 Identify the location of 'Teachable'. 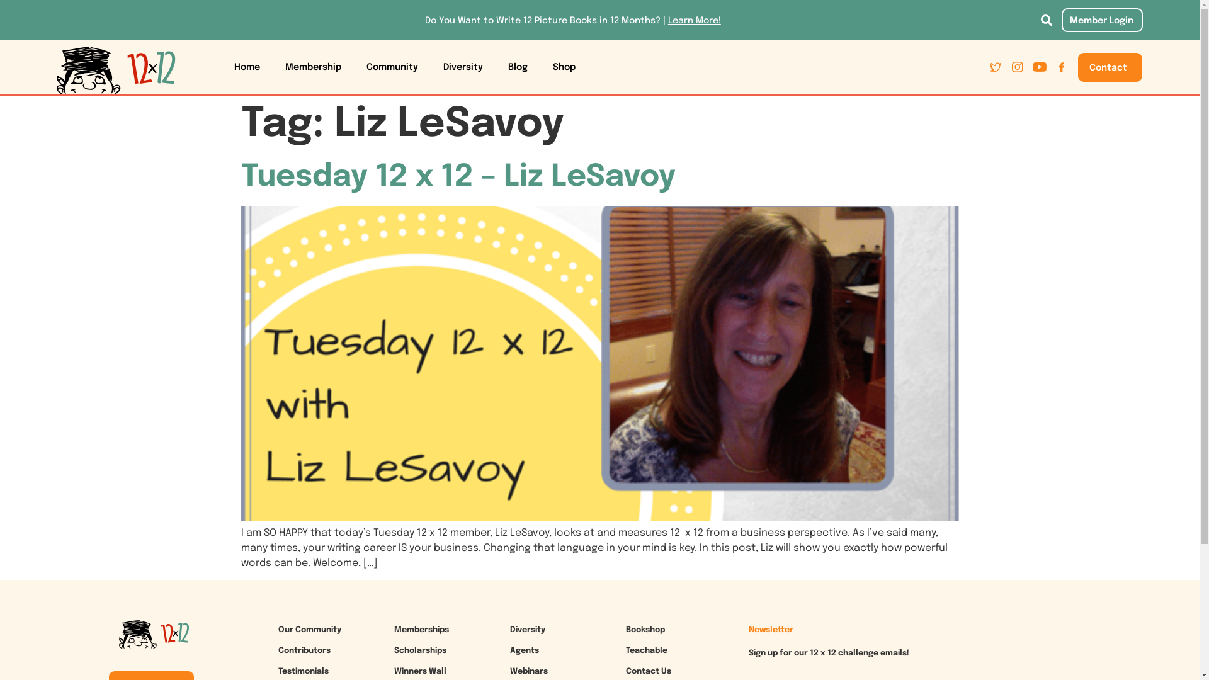
(647, 650).